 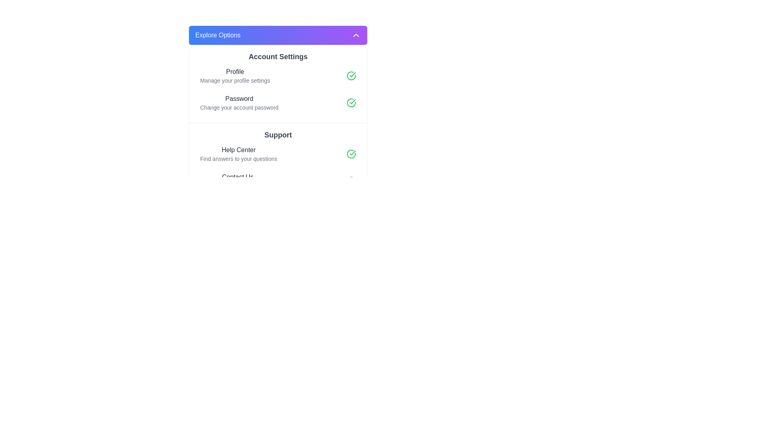 I want to click on the 'Change Password' option in the vertical navigation menu under 'Account Settings', so click(x=278, y=102).